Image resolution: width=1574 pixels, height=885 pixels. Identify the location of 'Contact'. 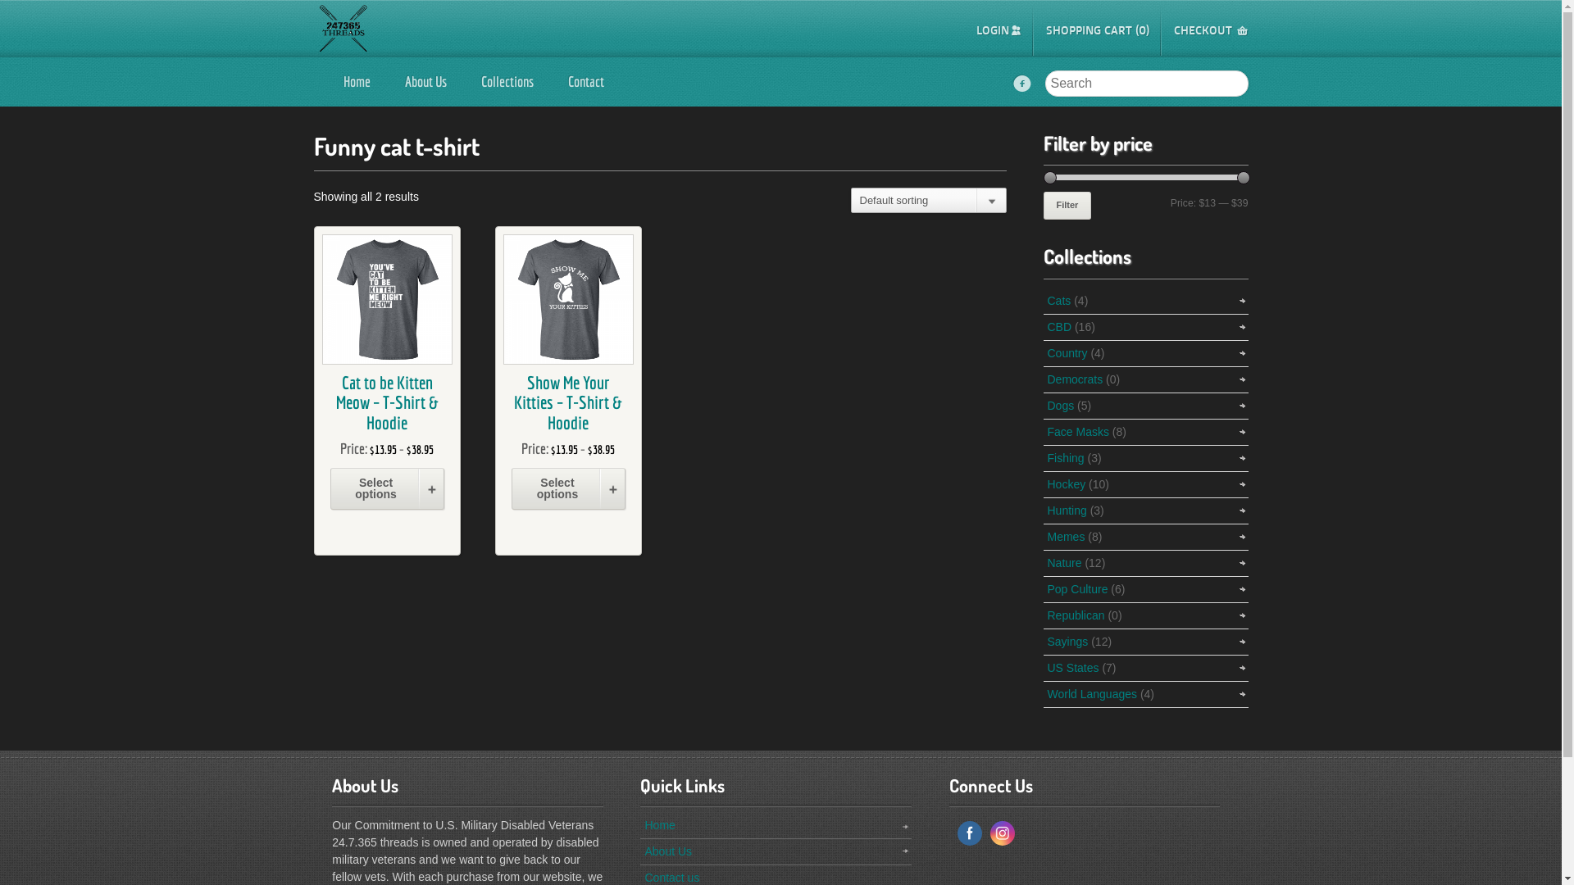
(586, 82).